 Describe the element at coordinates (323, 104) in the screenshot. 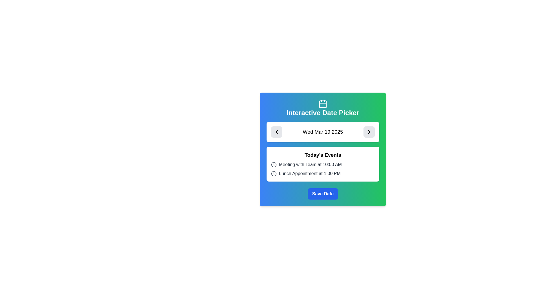

I see `the calendar icon located above the 'Interactive Date Picker' text within the card interface` at that location.